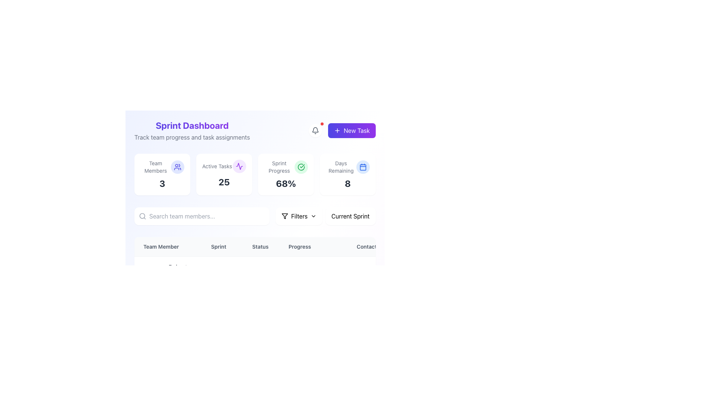 The image size is (715, 402). What do you see at coordinates (177, 166) in the screenshot?
I see `the distinct 'Team Members' icon located in the top part of the dashboard, beside the number '3'` at bounding box center [177, 166].